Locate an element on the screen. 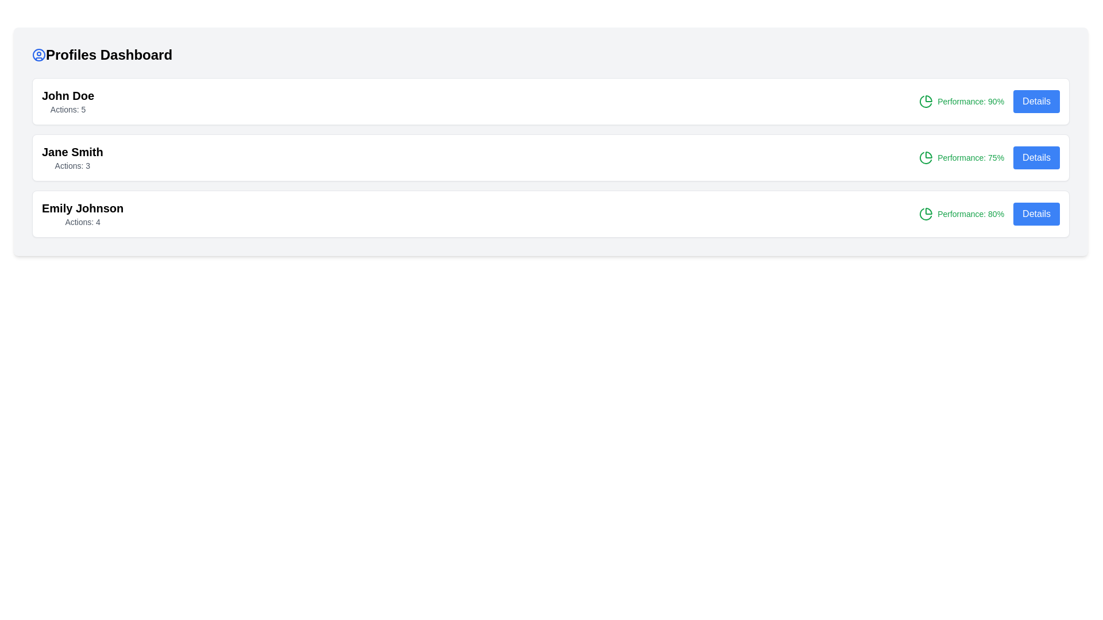 This screenshot has width=1103, height=620. the blue button with rounded corners labeled 'Details' is located at coordinates (1036, 157).